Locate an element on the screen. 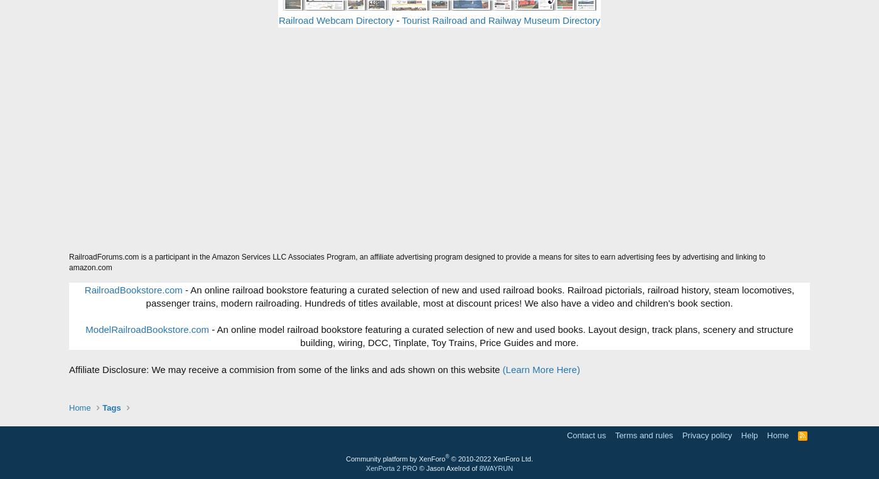 The width and height of the screenshot is (879, 479). '© Jason Axelrod of' is located at coordinates (447, 467).